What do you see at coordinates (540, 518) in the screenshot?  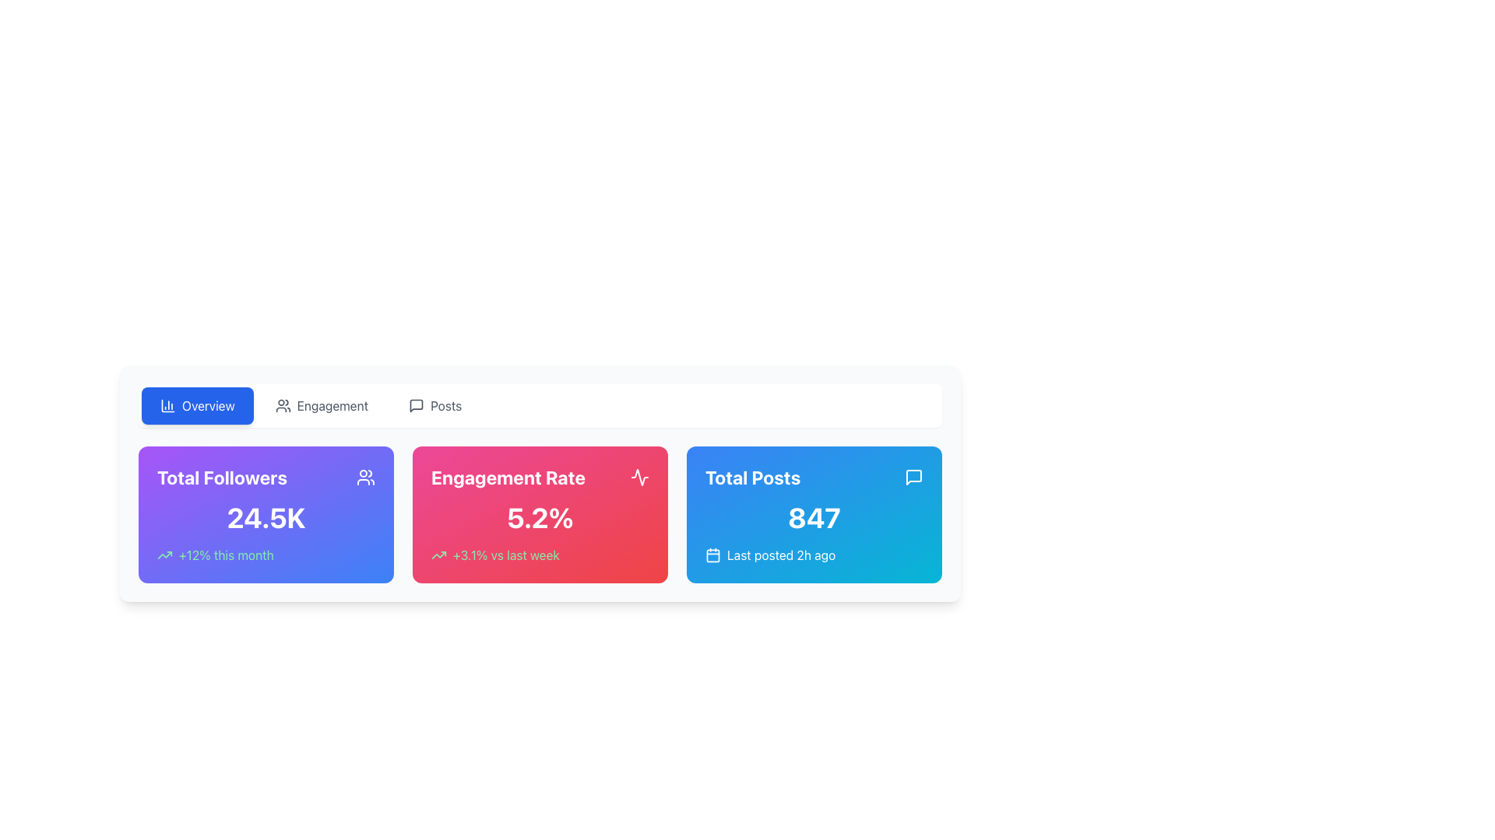 I see `the prominent text label displaying '5.2%' that is styled in bold white text on a pink to red gradient background within the 'Engagement Rate' card` at bounding box center [540, 518].